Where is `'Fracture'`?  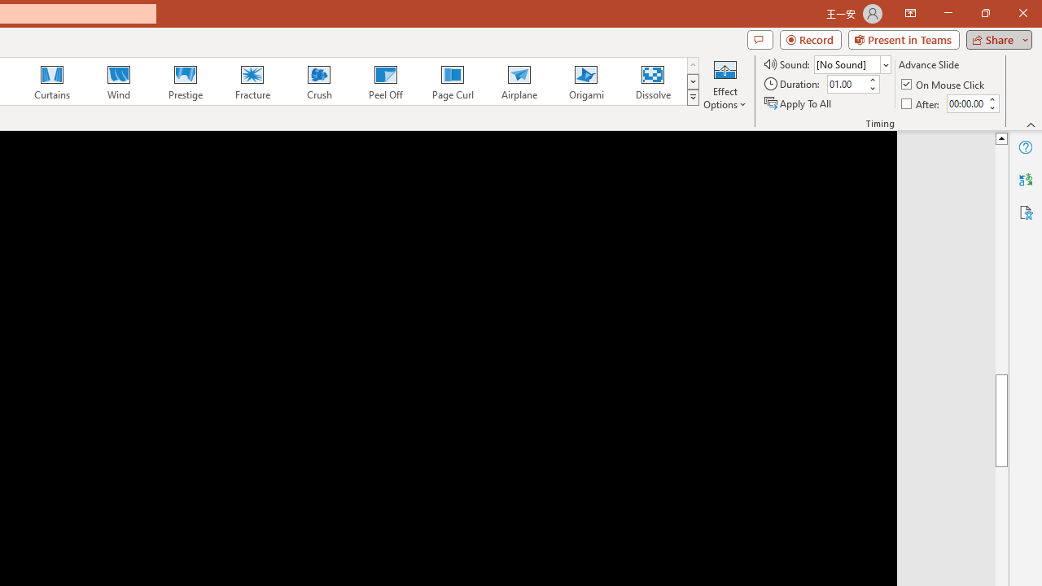 'Fracture' is located at coordinates (251, 81).